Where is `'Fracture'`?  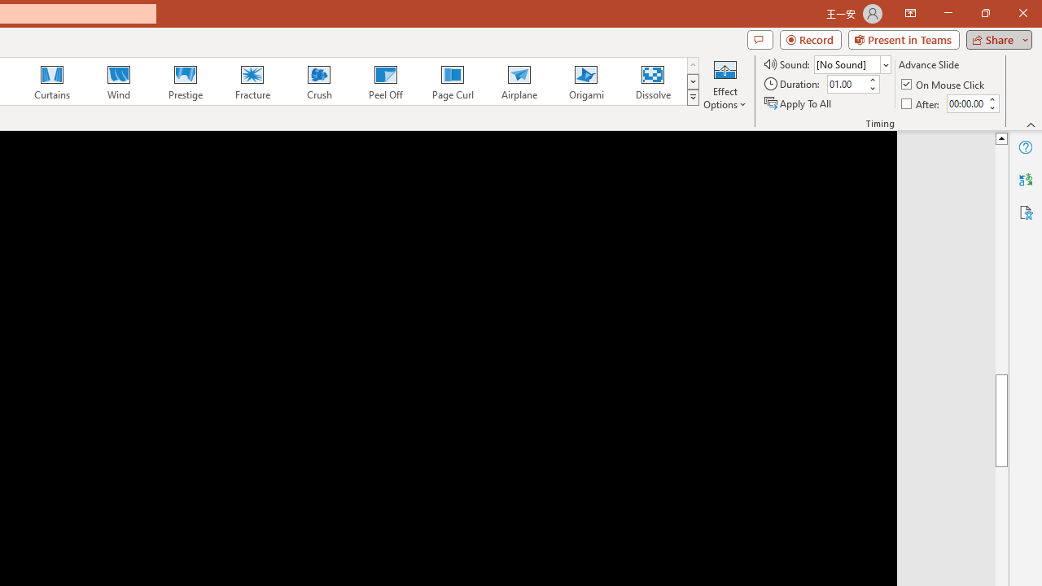 'Fracture' is located at coordinates (251, 81).